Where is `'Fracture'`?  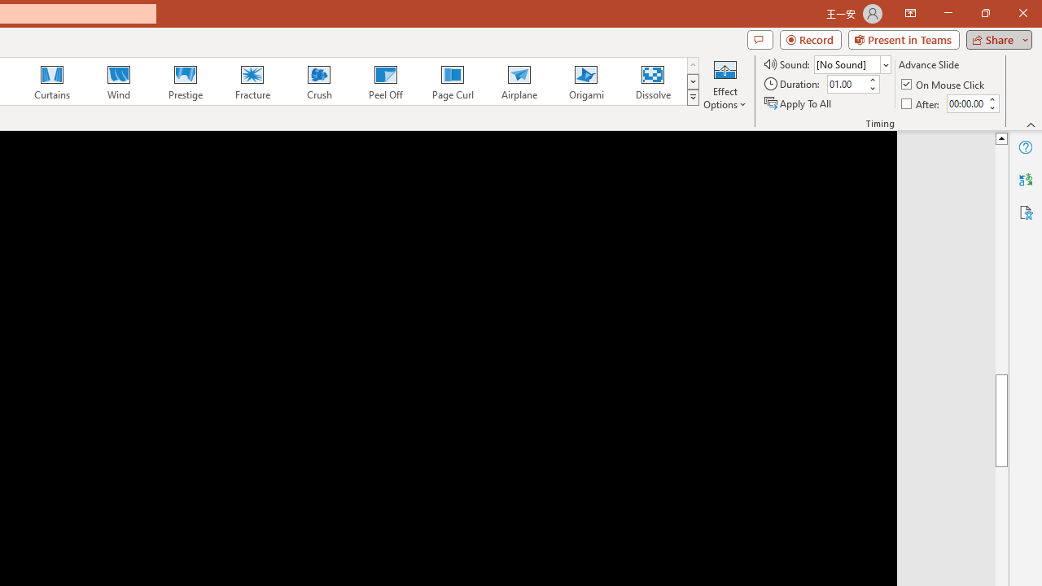 'Fracture' is located at coordinates (251, 81).